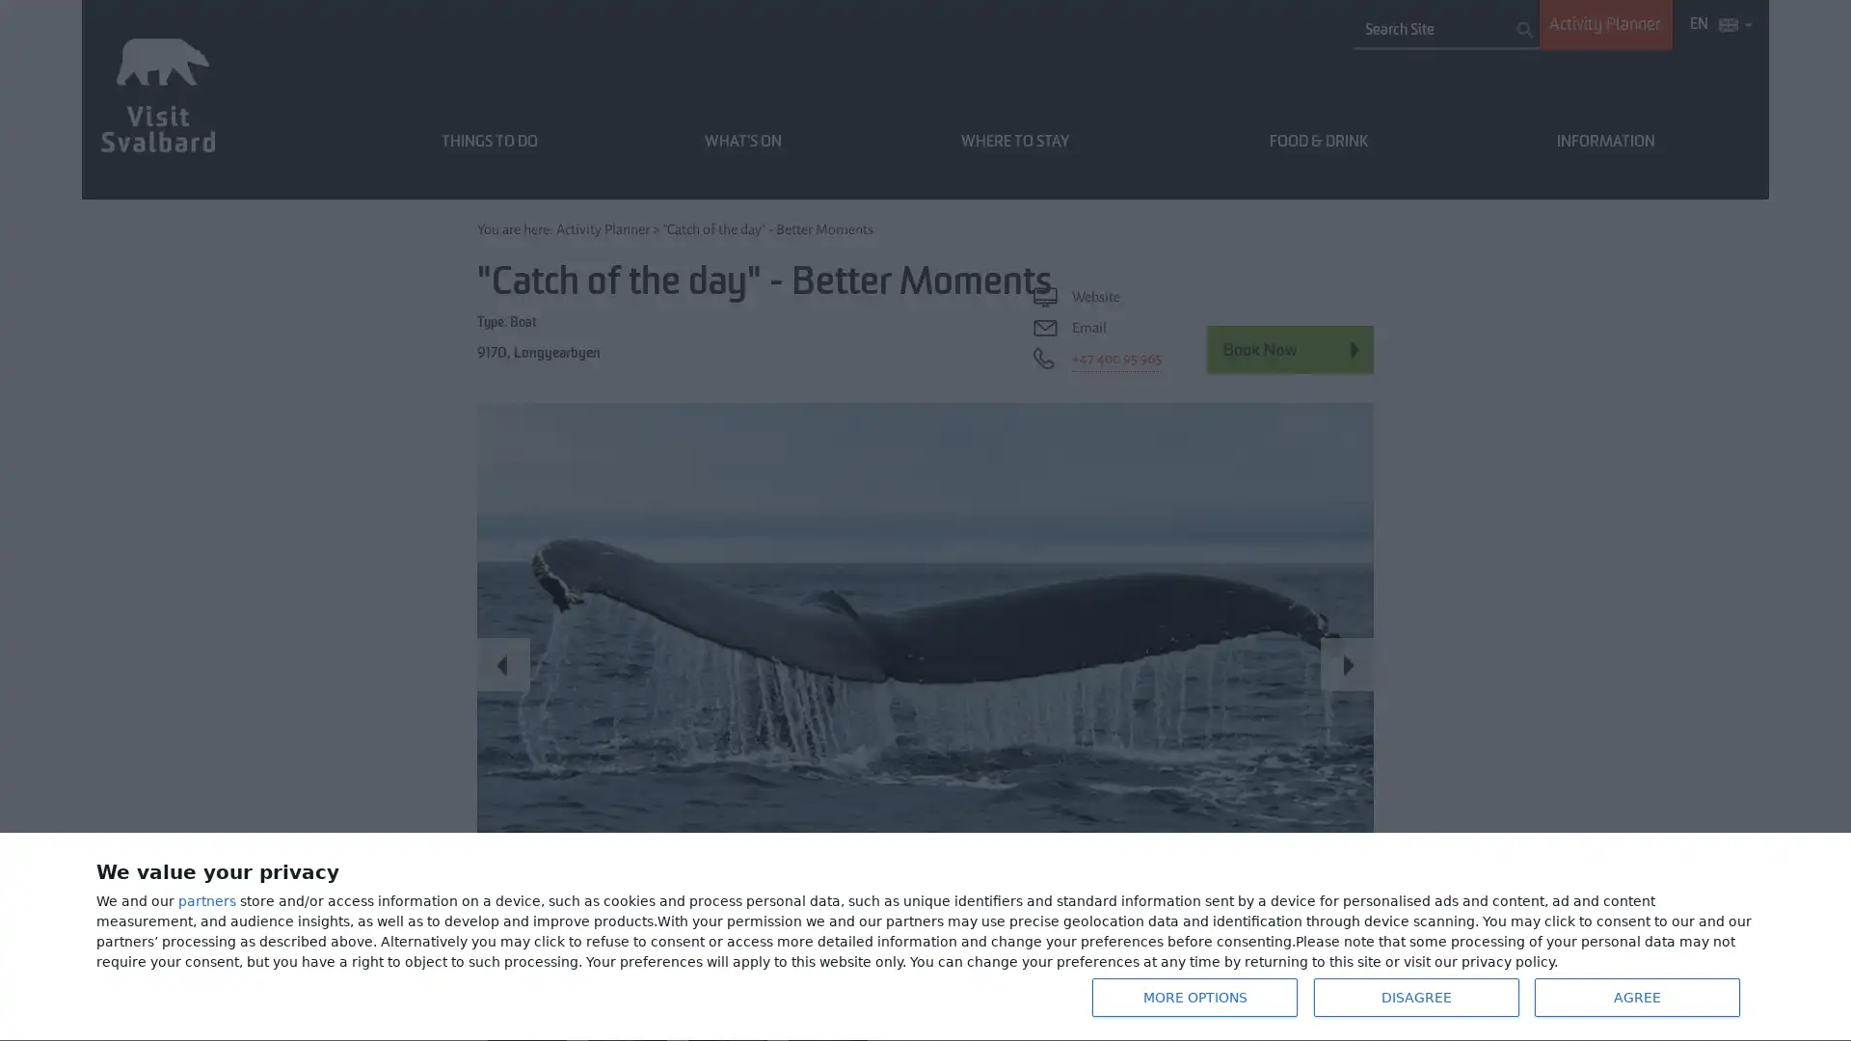  What do you see at coordinates (1193, 997) in the screenshot?
I see `MORE OPTIONS` at bounding box center [1193, 997].